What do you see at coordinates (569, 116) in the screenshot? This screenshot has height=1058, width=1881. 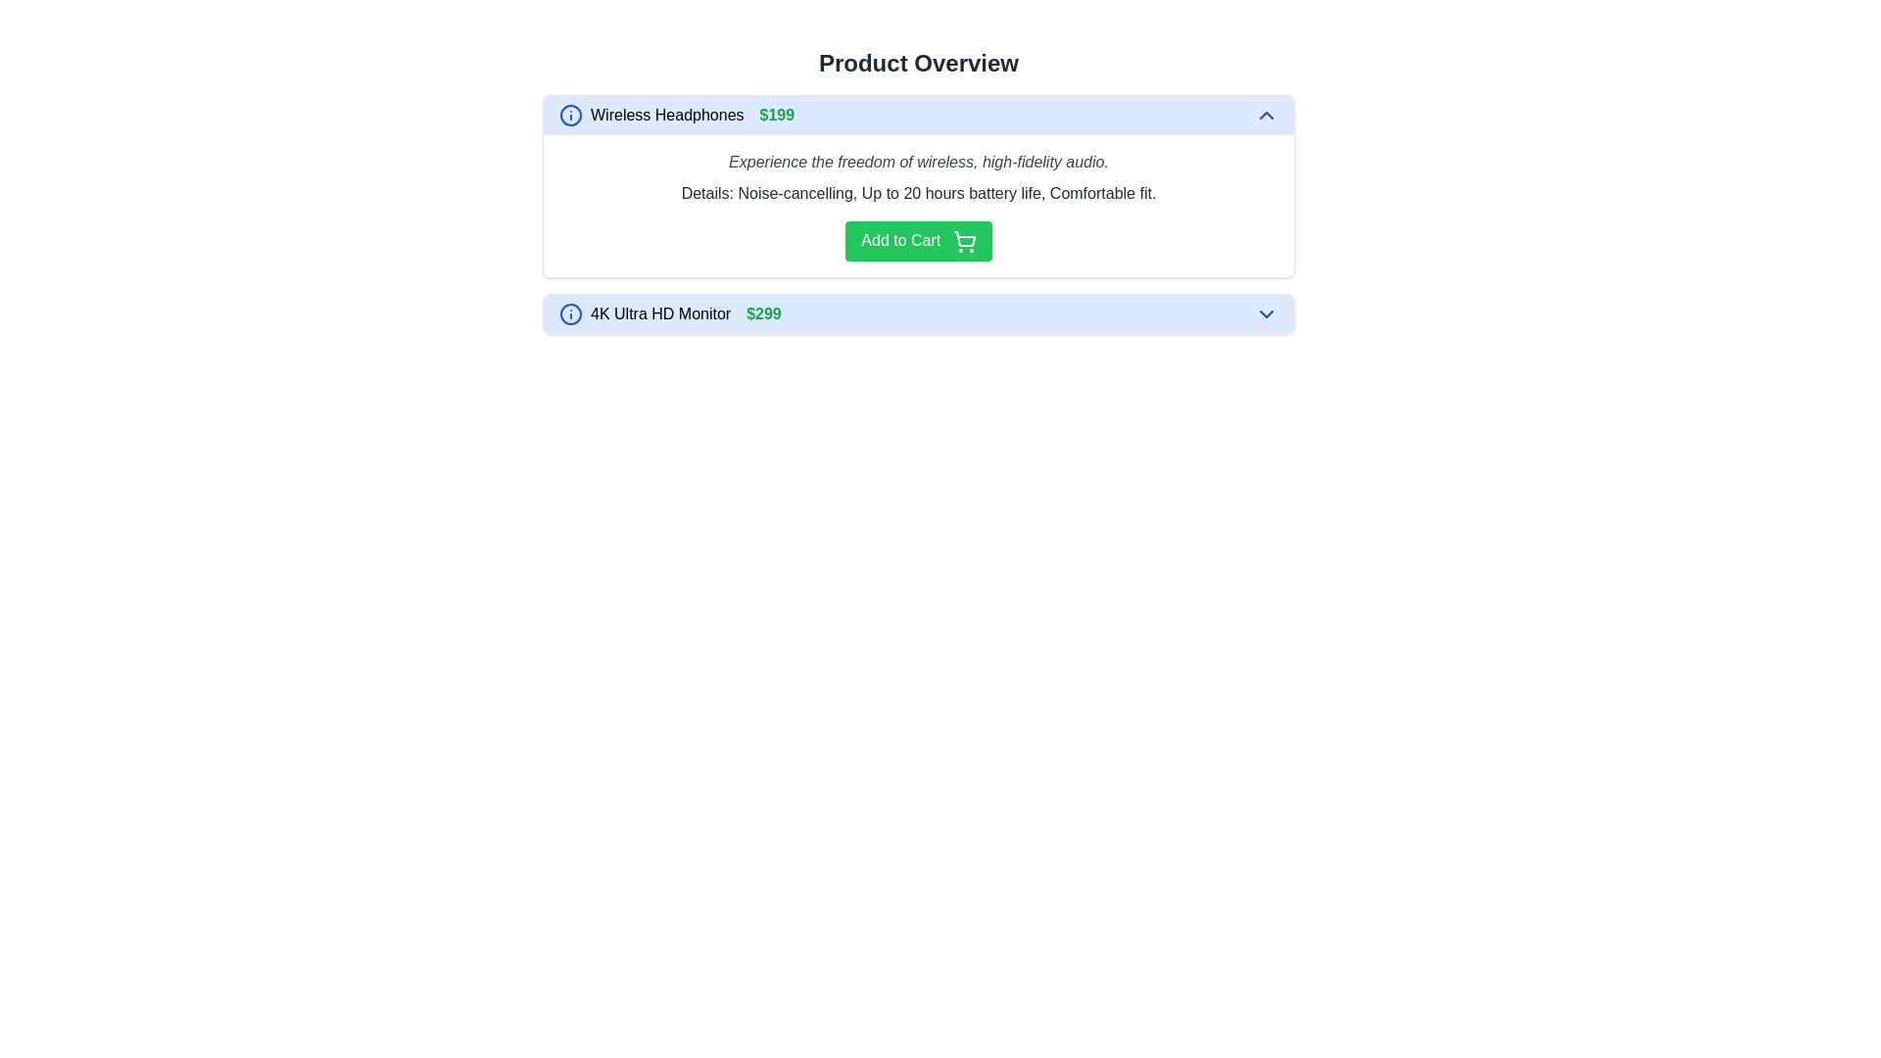 I see `the small circular icon displaying an 'i' symbol with a blue outline, located before the 'Wireless Headphones $199' product name` at bounding box center [569, 116].